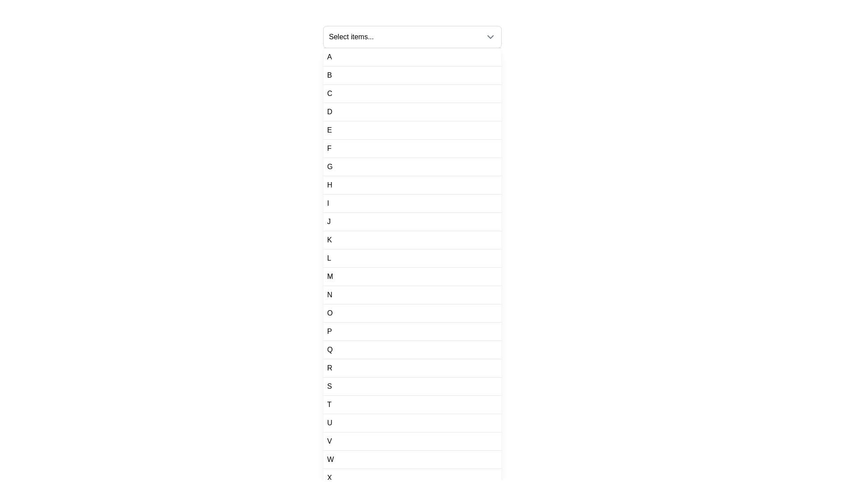 Image resolution: width=857 pixels, height=482 pixels. What do you see at coordinates (412, 167) in the screenshot?
I see `the list item containing the letter 'G' in the dropdown menu` at bounding box center [412, 167].